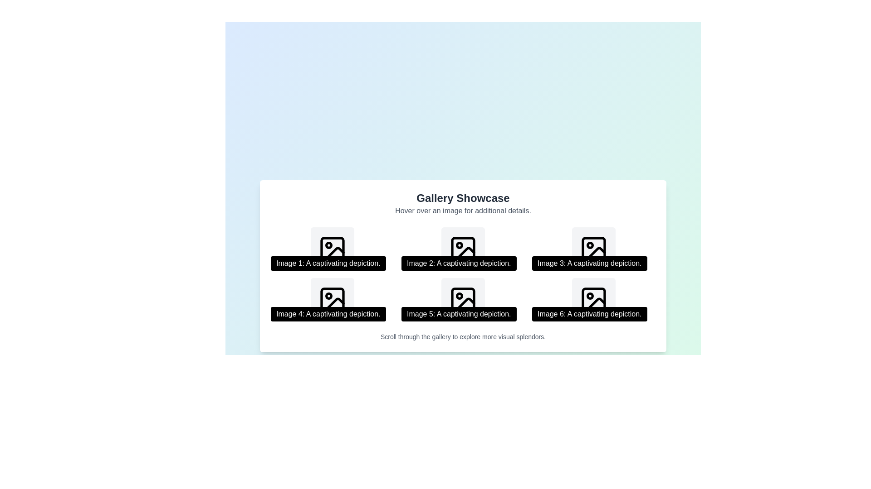  I want to click on the image placeholder icon located at the third position in the first row of the gallery grid, so click(594, 249).